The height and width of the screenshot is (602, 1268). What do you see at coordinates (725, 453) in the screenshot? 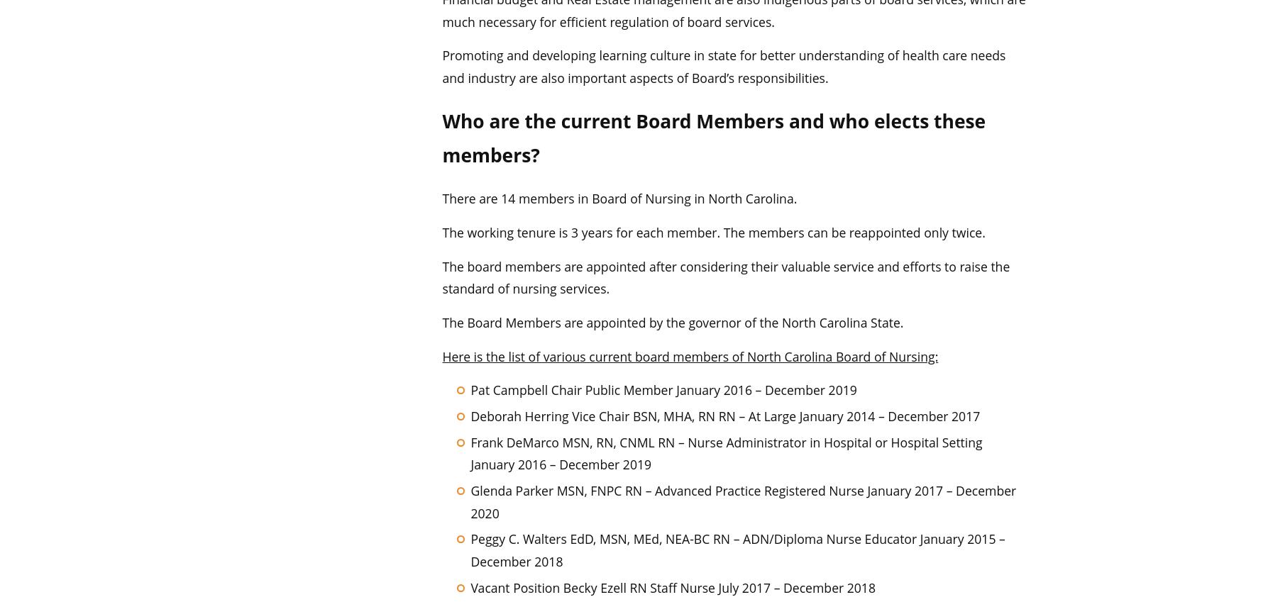
I see `'Frank DeMarco MSN, RN, CNML RN – Nurse Administrator in Hospital or Hospital Setting January 2016 – December 2019'` at bounding box center [725, 453].